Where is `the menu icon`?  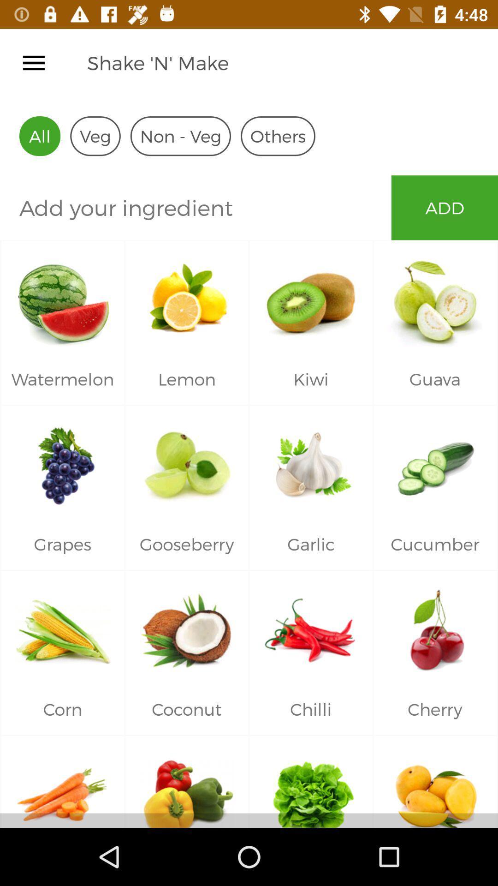
the menu icon is located at coordinates (33, 62).